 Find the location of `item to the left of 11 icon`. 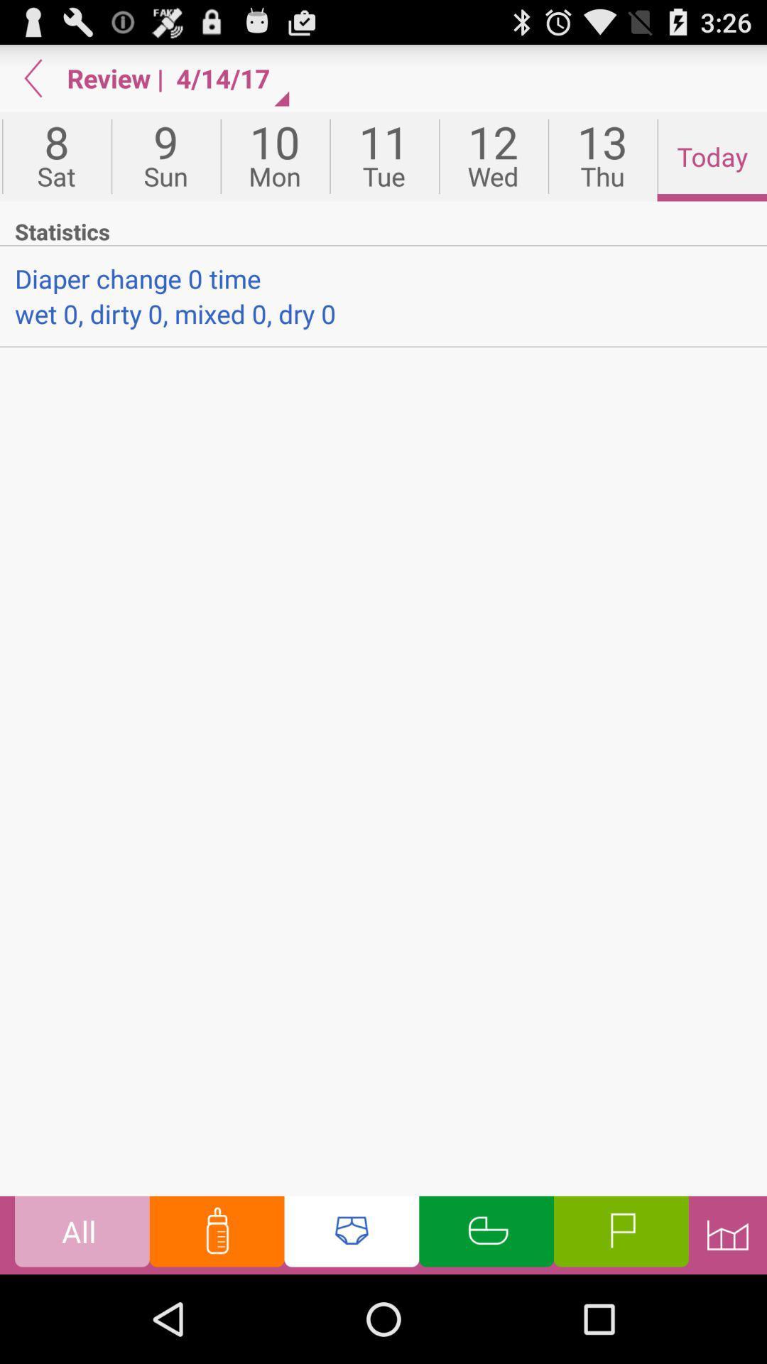

item to the left of 11 icon is located at coordinates (275, 156).